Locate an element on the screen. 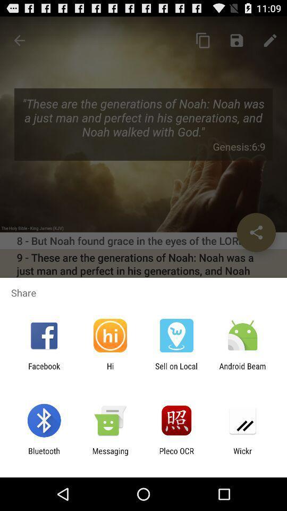 The width and height of the screenshot is (287, 511). icon to the right of pleco ocr app is located at coordinates (242, 455).